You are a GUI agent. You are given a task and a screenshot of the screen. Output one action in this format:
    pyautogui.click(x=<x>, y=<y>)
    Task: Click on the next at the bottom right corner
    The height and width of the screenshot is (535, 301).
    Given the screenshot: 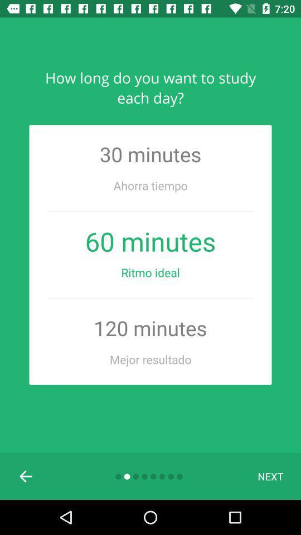 What is the action you would take?
    pyautogui.click(x=270, y=475)
    